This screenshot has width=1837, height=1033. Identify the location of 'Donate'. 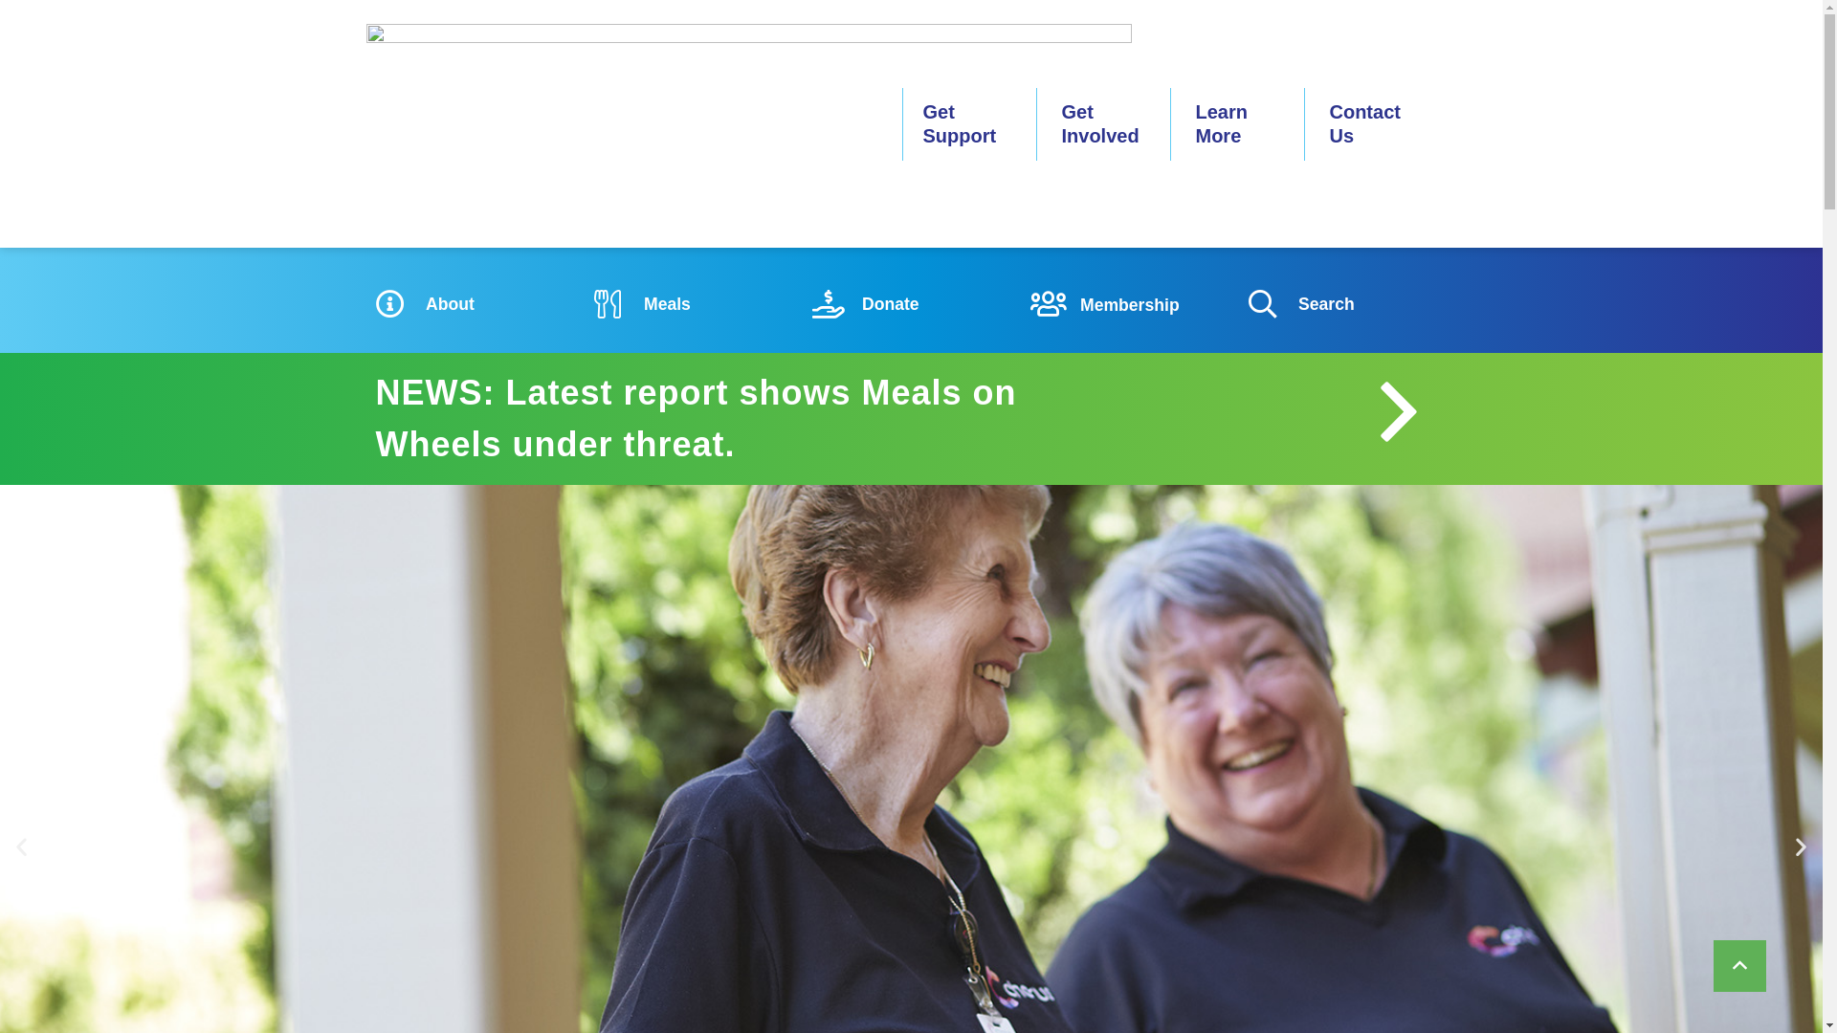
(811, 304).